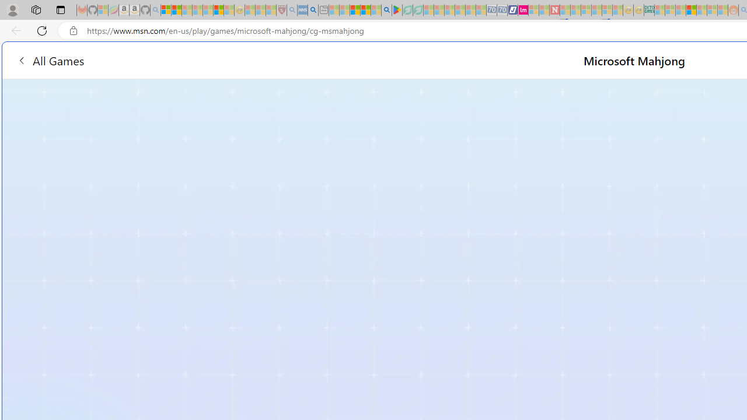 This screenshot has height=420, width=747. I want to click on 'Bluey: Let', so click(397, 10).